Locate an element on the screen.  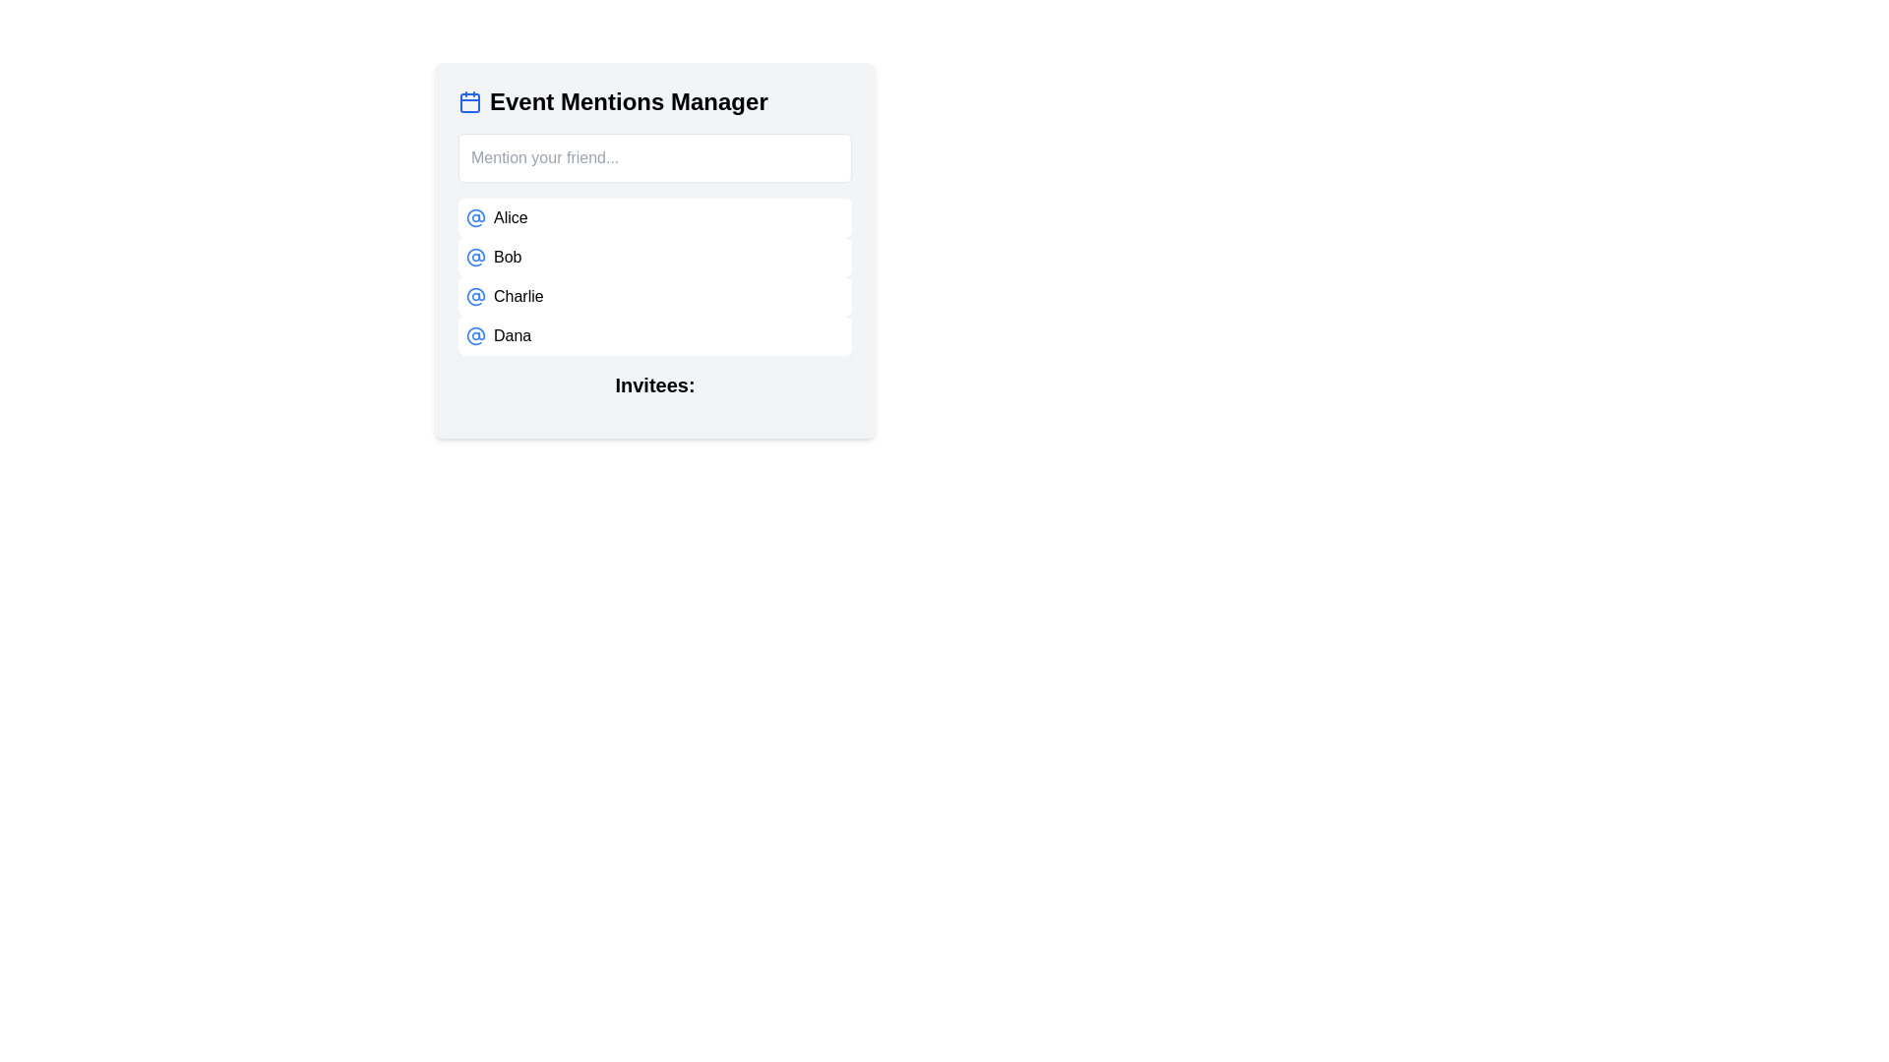
the first selectable item is located at coordinates (655, 218).